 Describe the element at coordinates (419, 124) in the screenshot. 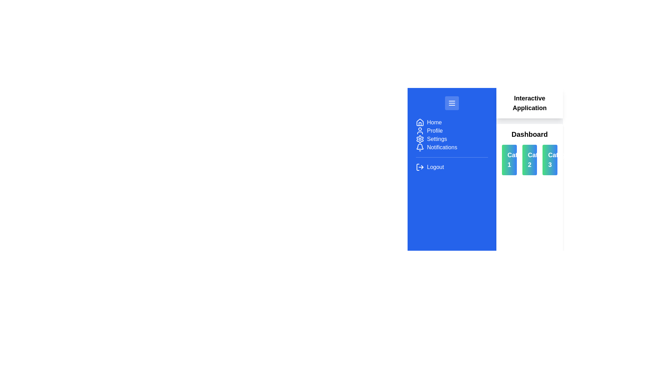

I see `the vertical rectangular shape representing a door or frame within the house icon located in the left sidebar, which is centrally and vertically aligned relative to the house's base area` at that location.